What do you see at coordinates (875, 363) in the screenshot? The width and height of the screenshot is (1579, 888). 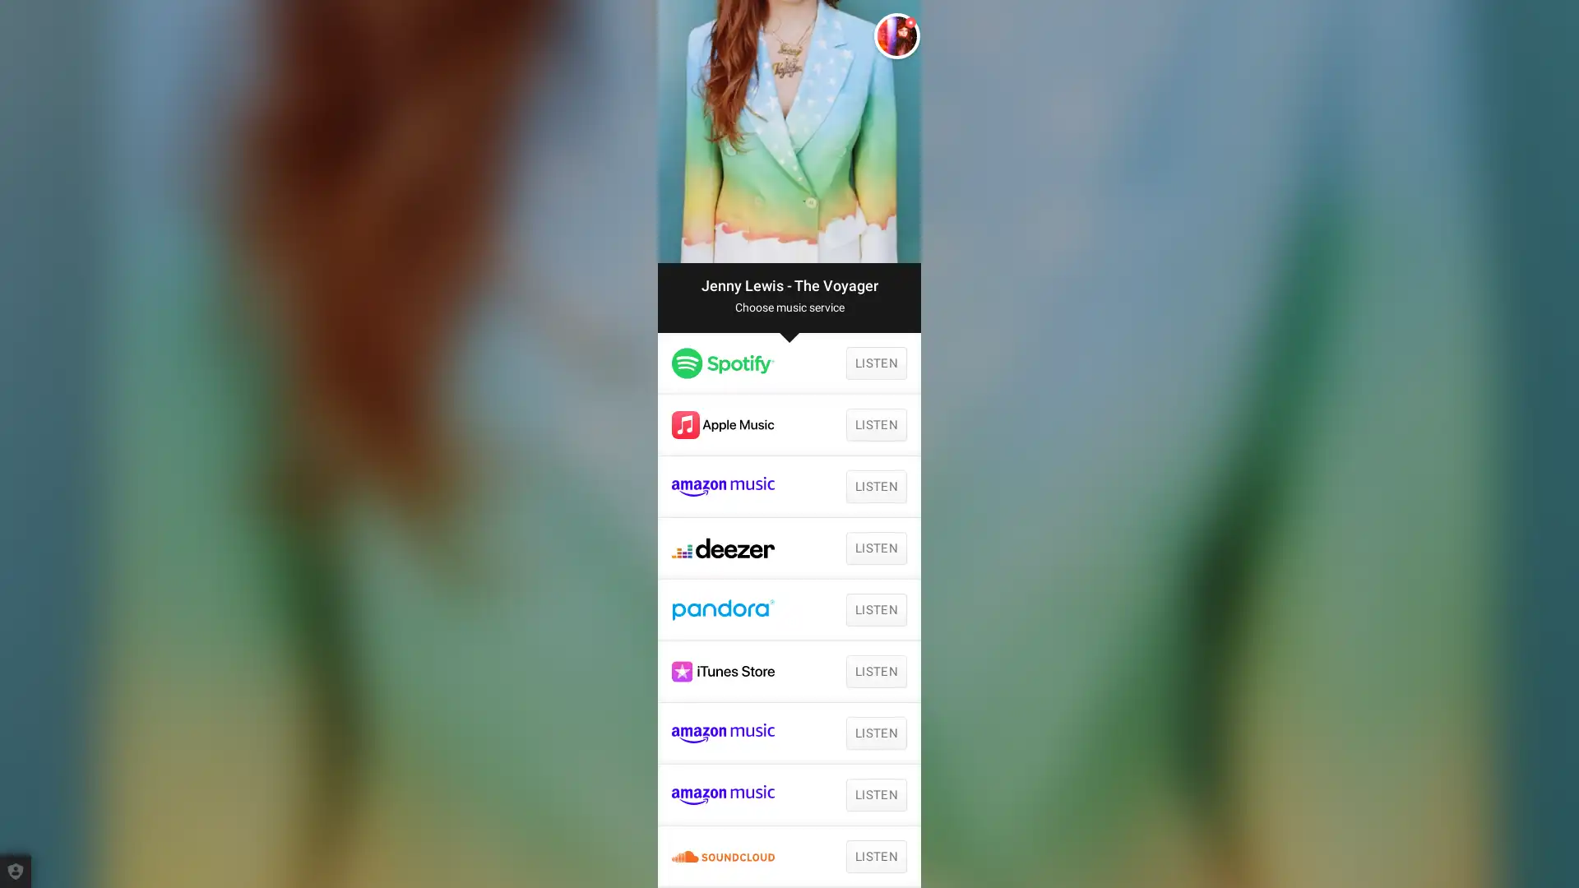 I see `LISTEN` at bounding box center [875, 363].